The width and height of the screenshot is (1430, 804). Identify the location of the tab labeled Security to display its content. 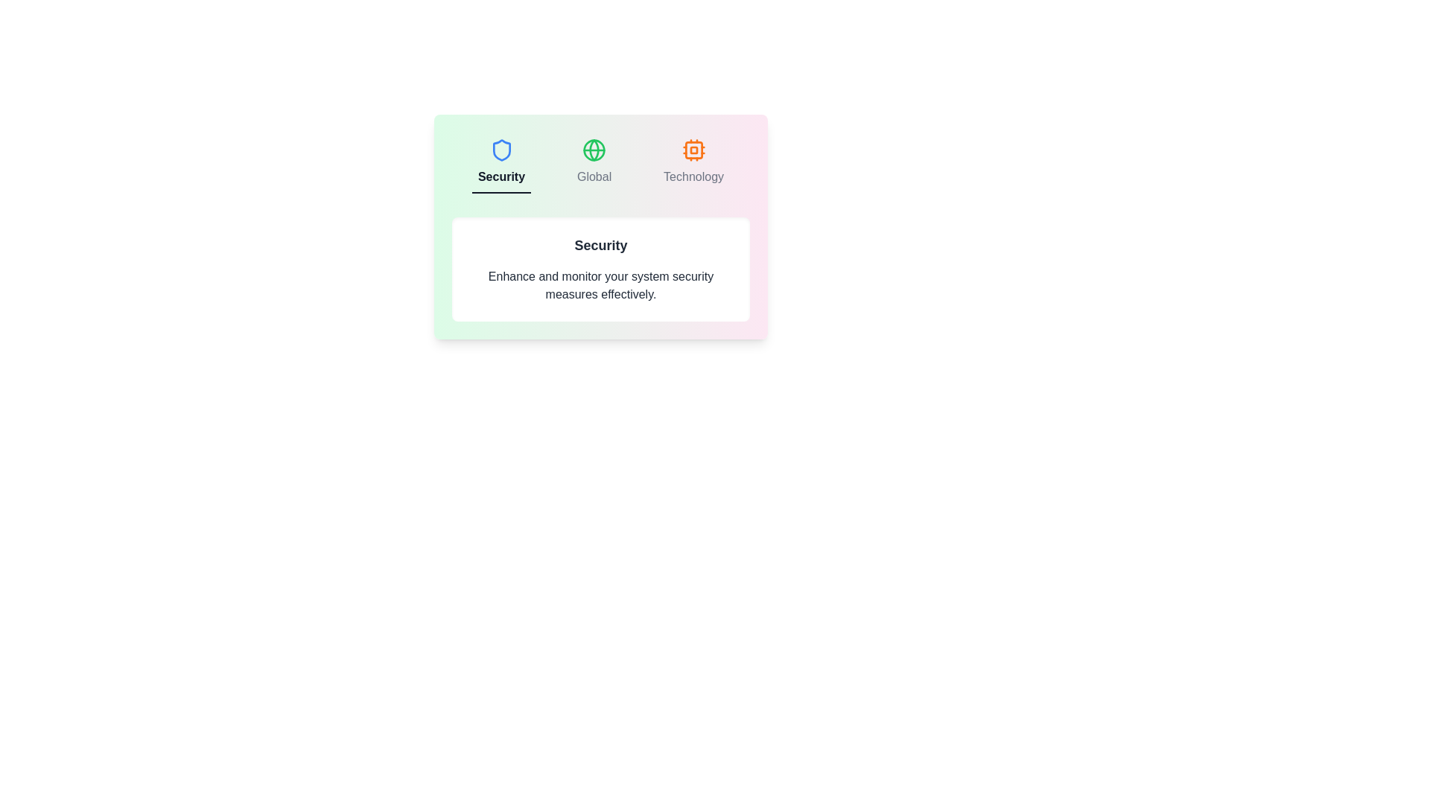
(500, 163).